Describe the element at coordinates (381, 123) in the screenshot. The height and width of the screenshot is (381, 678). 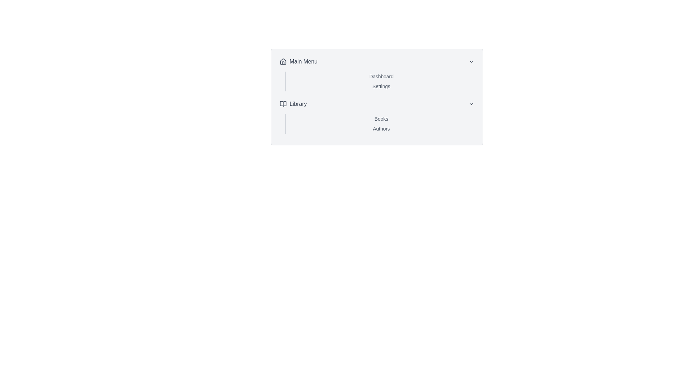
I see `the 'Books' and 'Authors' section header located directly below the 'Library' text, which serves as a labeled section within the 'Library' group` at that location.